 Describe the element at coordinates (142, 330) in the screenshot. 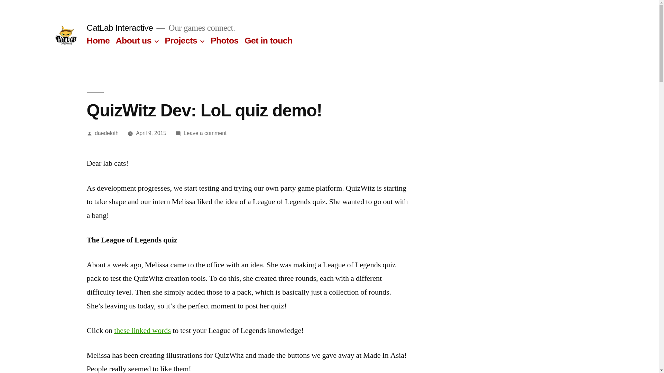

I see `'these linked words'` at that location.